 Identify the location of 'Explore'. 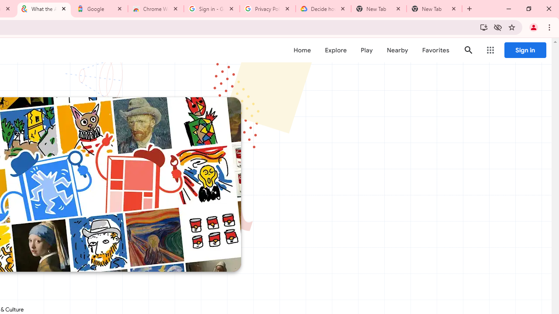
(335, 50).